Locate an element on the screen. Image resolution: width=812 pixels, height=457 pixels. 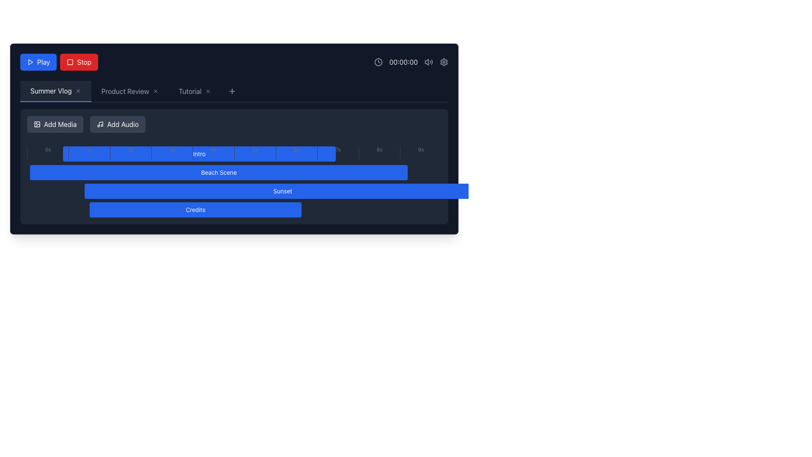
the 'Add Audio' button, which is a rectangular button with a dark gray background and white text, located to the right of the 'Add Media' button in the toolbar is located at coordinates (117, 124).